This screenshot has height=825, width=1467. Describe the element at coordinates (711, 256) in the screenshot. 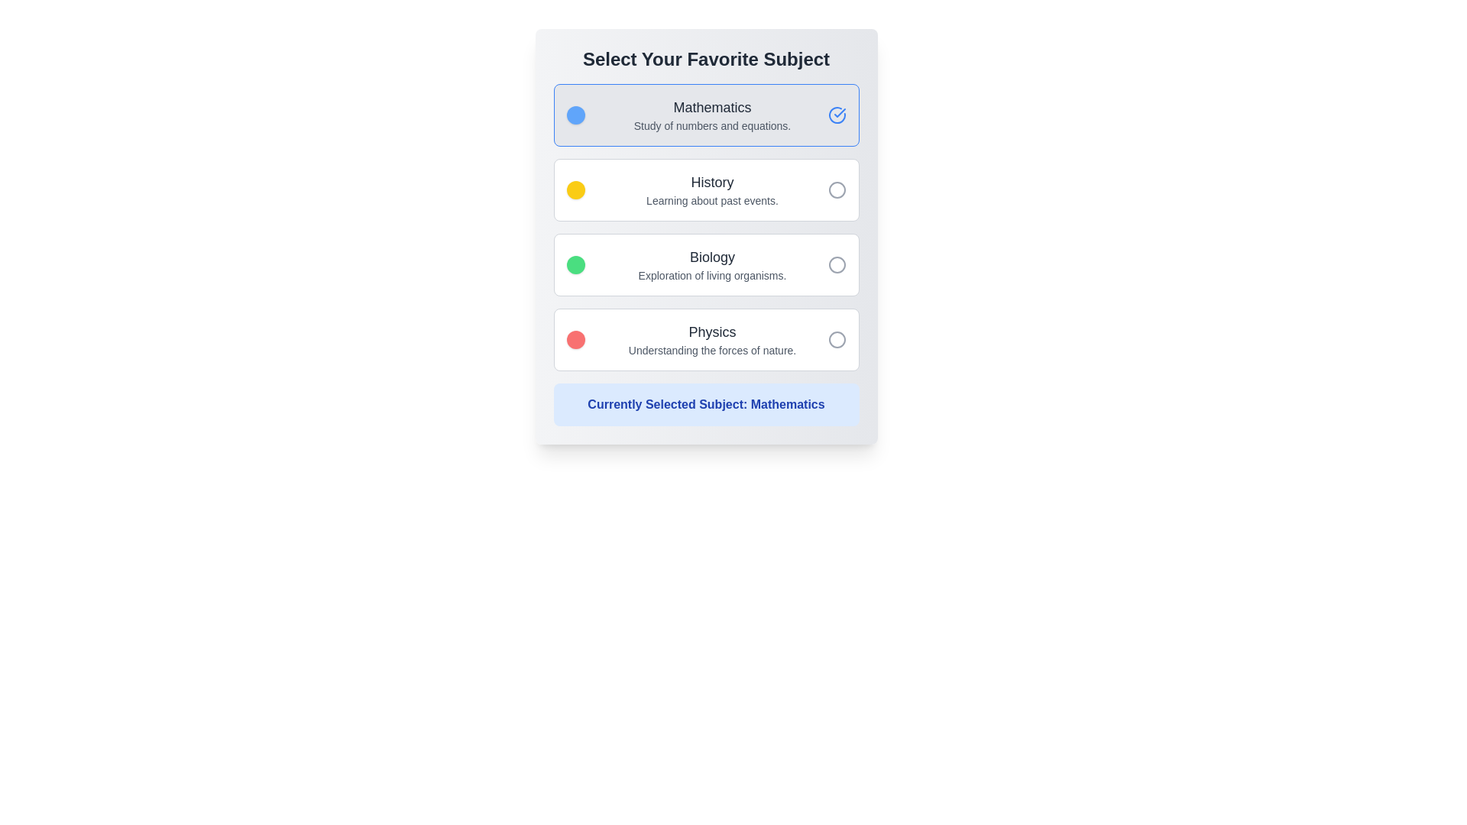

I see `the Text label displaying 'Biology', which is bold, dark gray, and aligned to the left, positioned above the description text 'Exploration of living organisms'` at that location.